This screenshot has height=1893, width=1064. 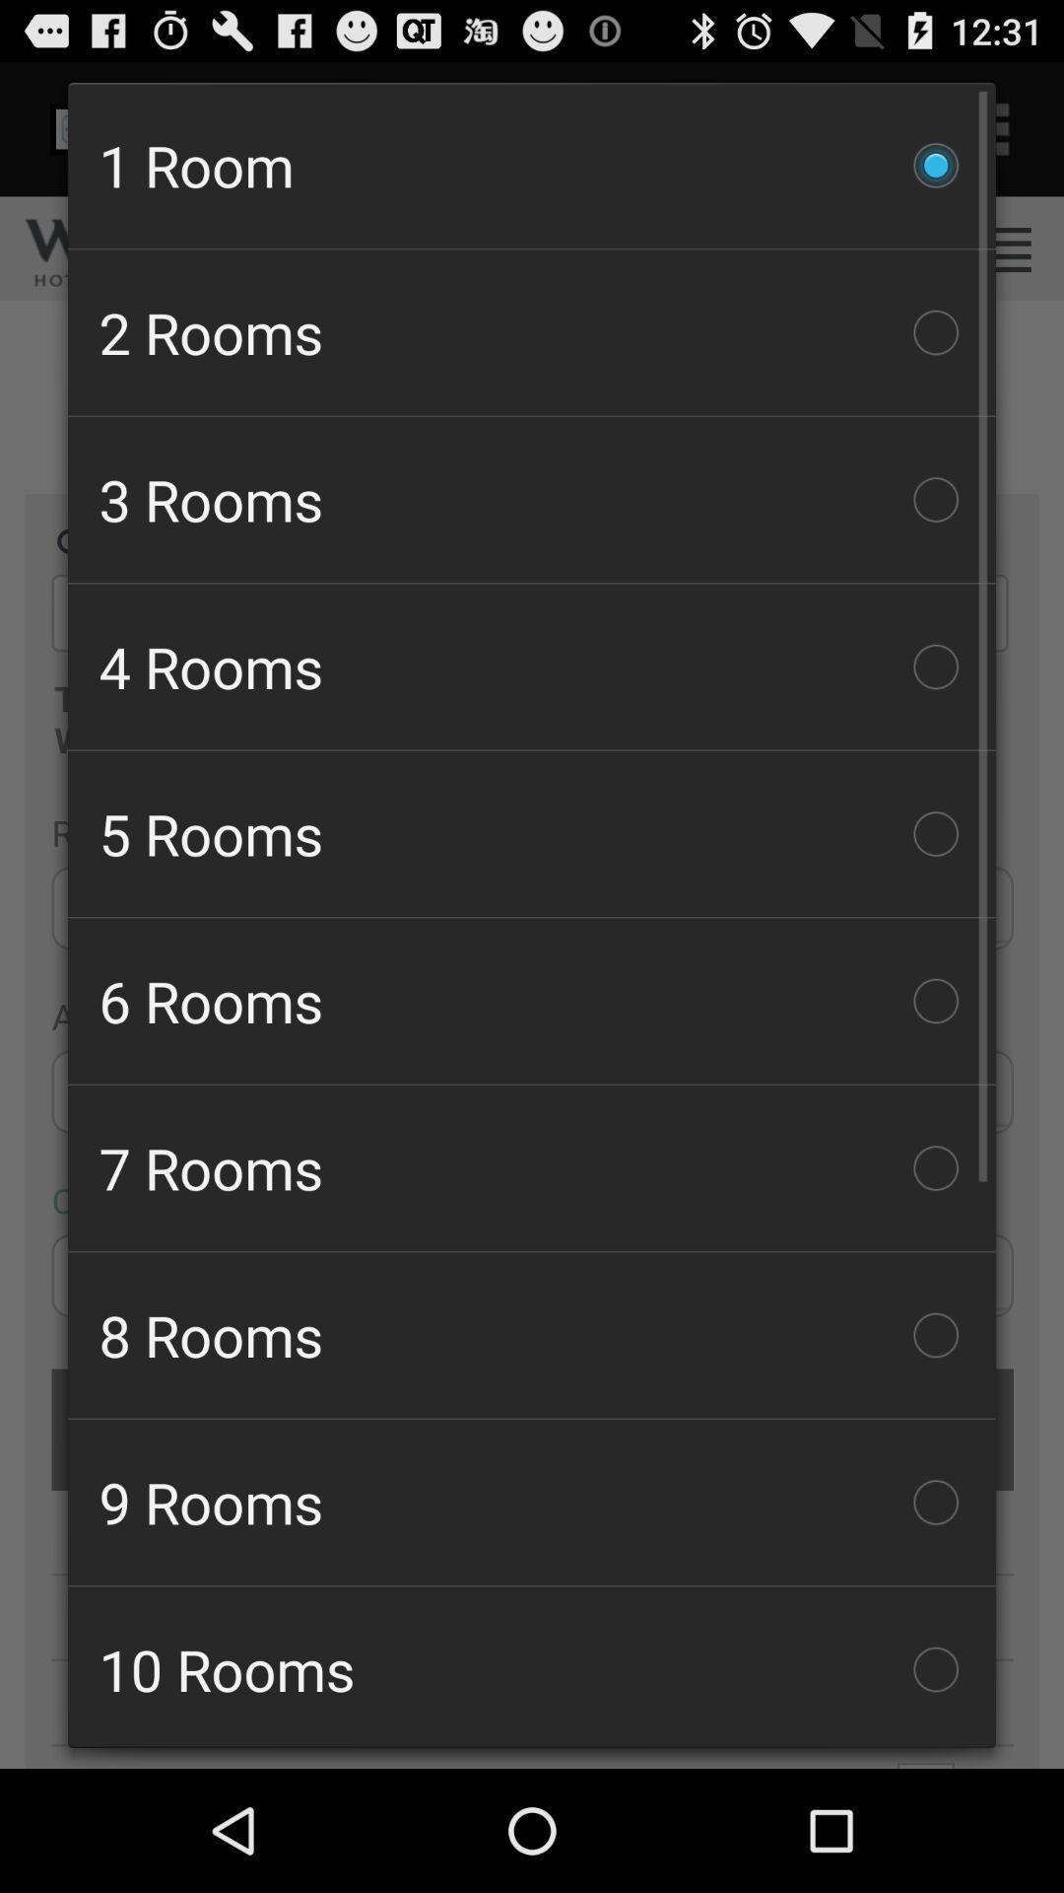 What do you see at coordinates (532, 1501) in the screenshot?
I see `the 9 rooms item` at bounding box center [532, 1501].